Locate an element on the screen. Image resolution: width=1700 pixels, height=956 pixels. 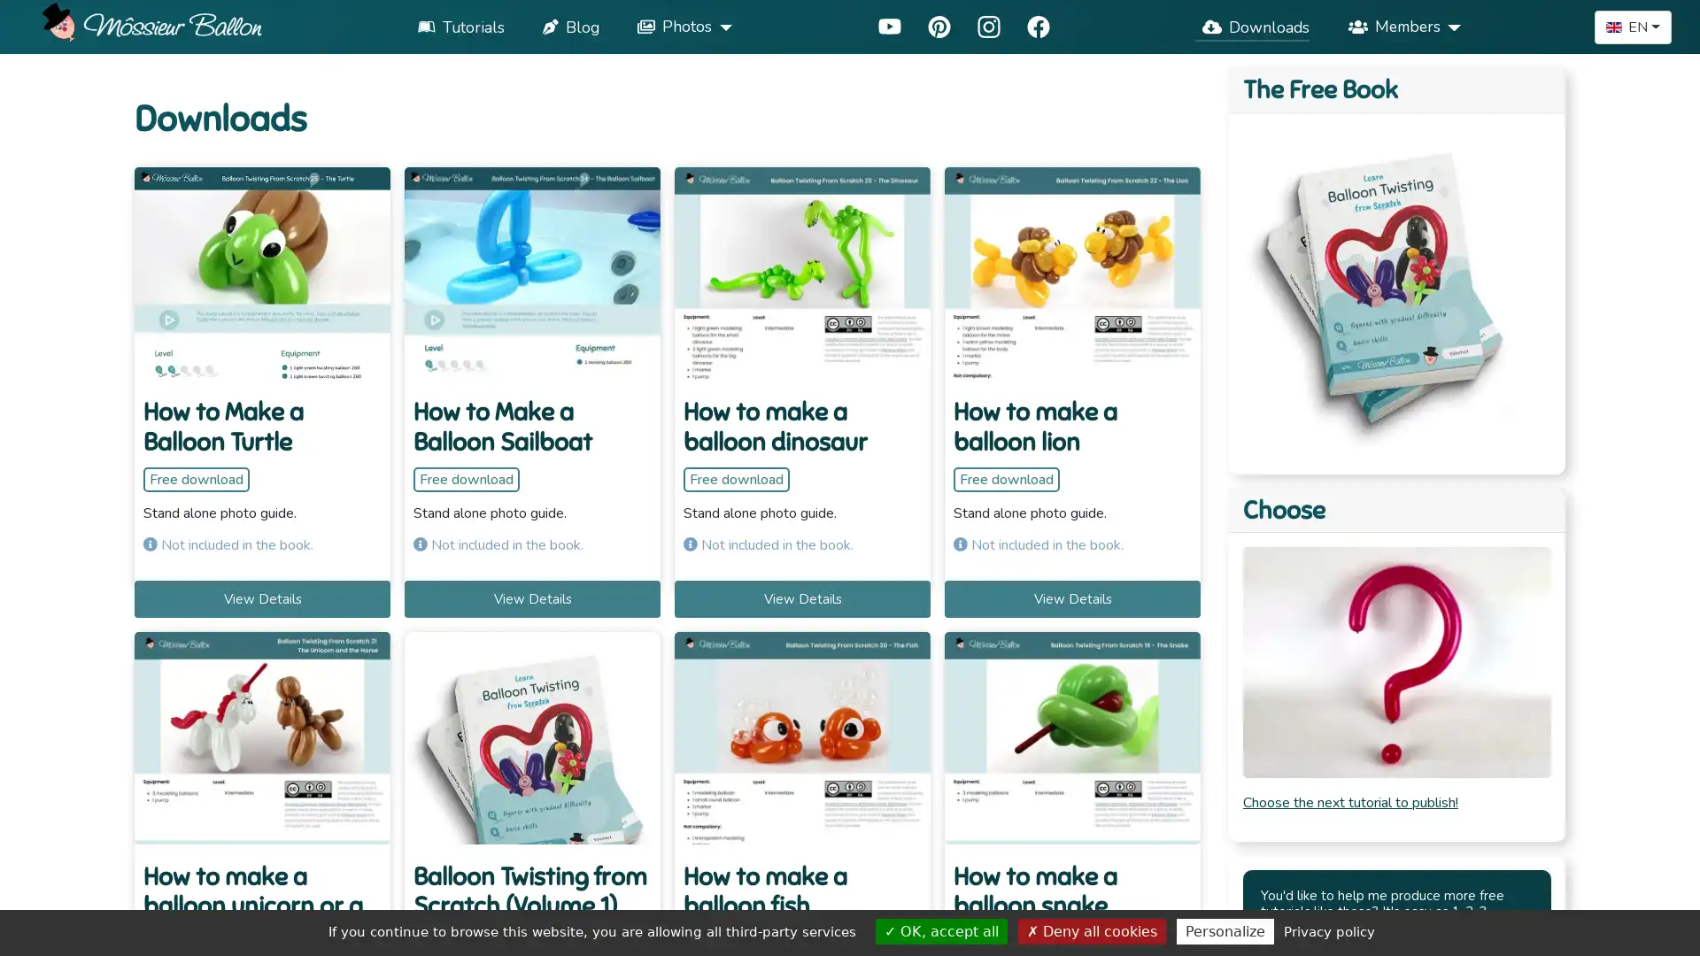
View Details is located at coordinates (801, 597).